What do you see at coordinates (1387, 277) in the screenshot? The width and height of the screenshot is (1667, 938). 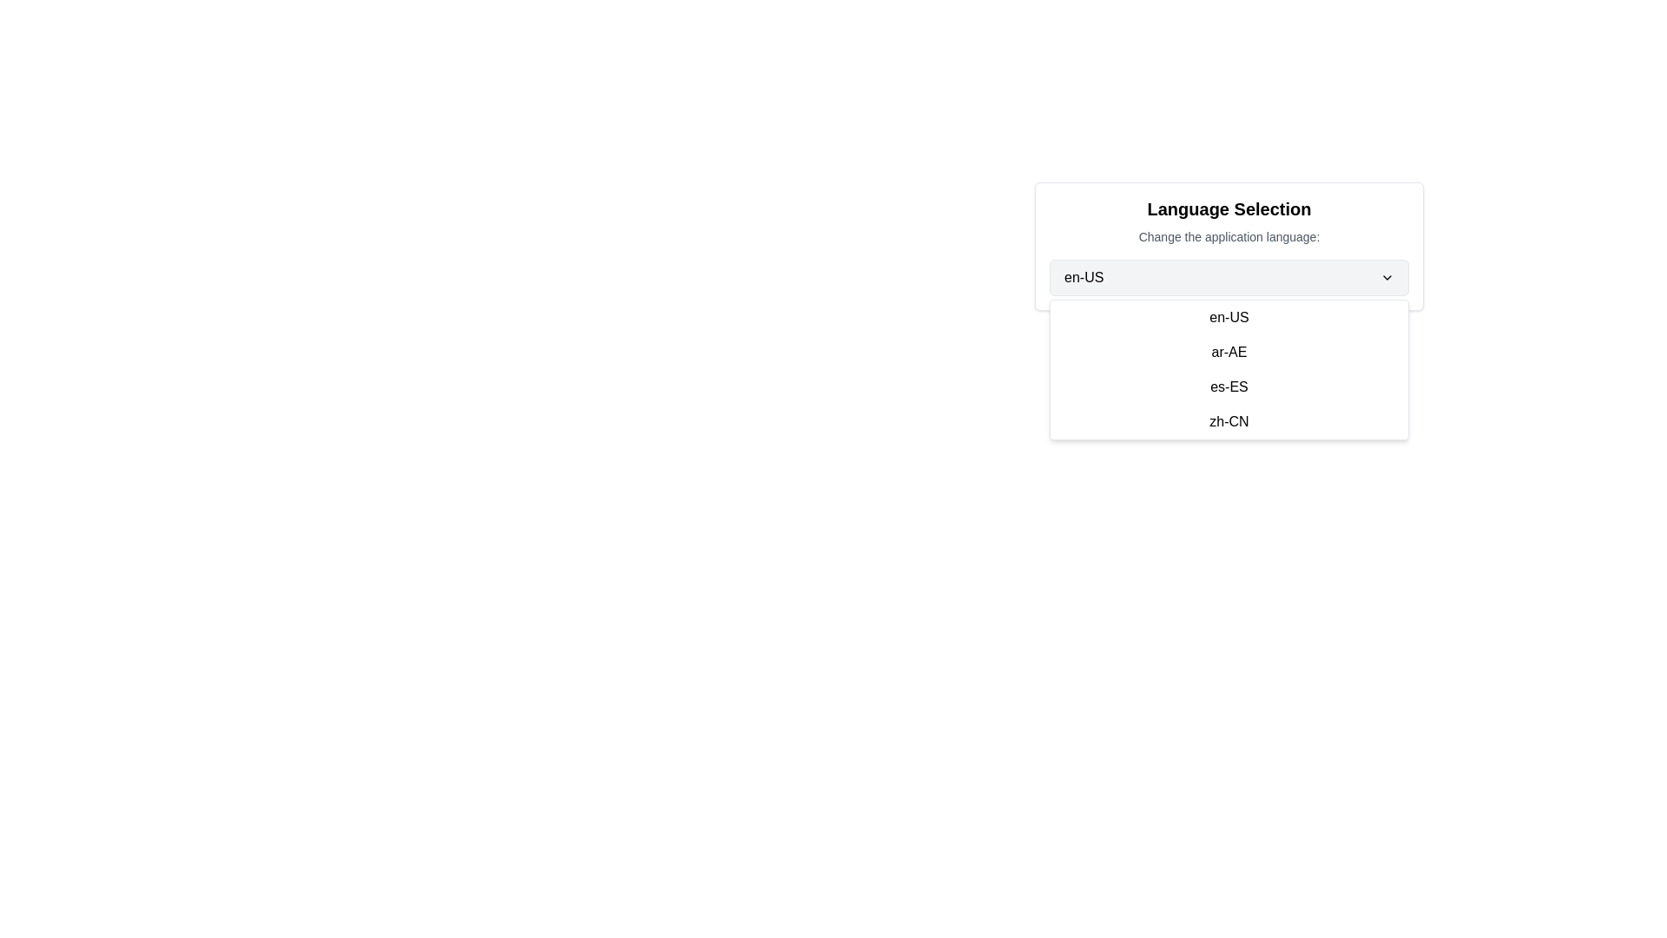 I see `the downward-pointing chevron icon with a thin black stroke located on the right side of the dropdown button labeled 'en-US'` at bounding box center [1387, 277].